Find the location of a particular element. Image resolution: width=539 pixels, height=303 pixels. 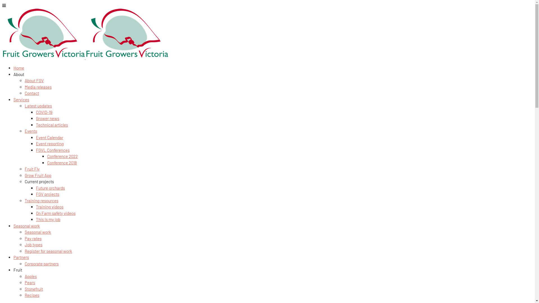

'Grow Fruit App' is located at coordinates (38, 175).